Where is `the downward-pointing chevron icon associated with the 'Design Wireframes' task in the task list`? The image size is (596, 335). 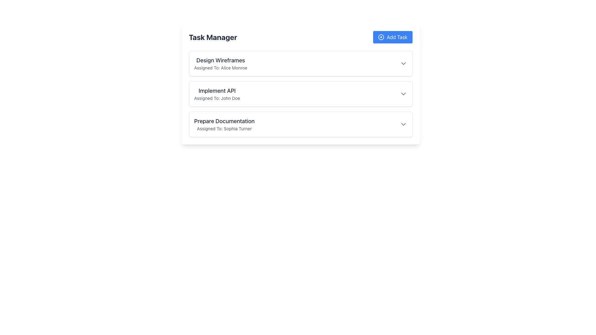
the downward-pointing chevron icon associated with the 'Design Wireframes' task in the task list is located at coordinates (403, 63).